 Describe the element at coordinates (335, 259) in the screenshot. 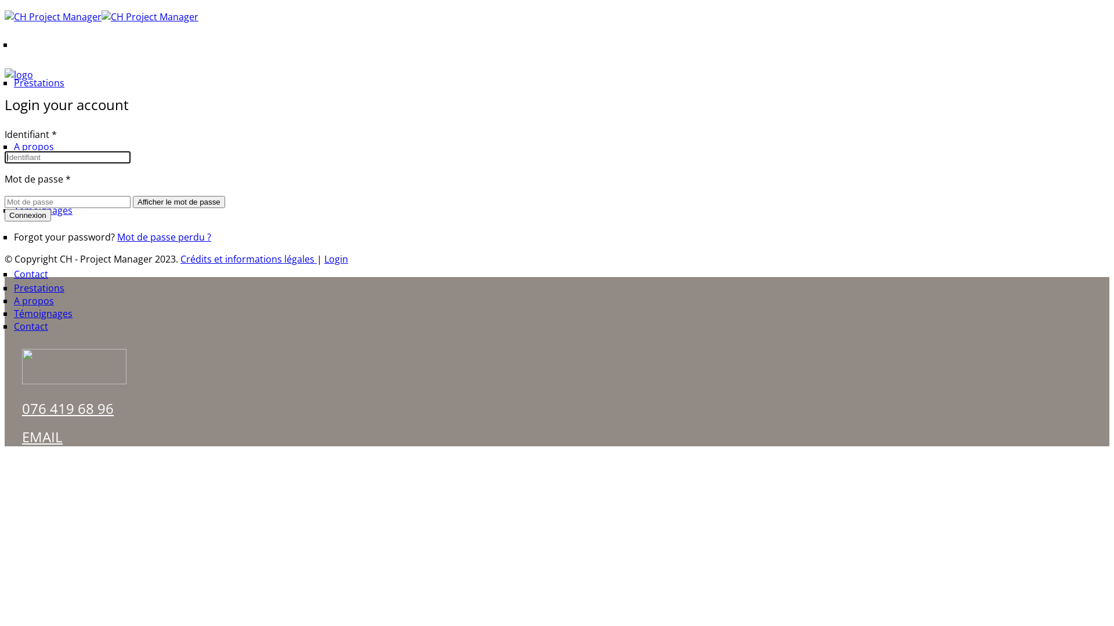

I see `'Login'` at that location.